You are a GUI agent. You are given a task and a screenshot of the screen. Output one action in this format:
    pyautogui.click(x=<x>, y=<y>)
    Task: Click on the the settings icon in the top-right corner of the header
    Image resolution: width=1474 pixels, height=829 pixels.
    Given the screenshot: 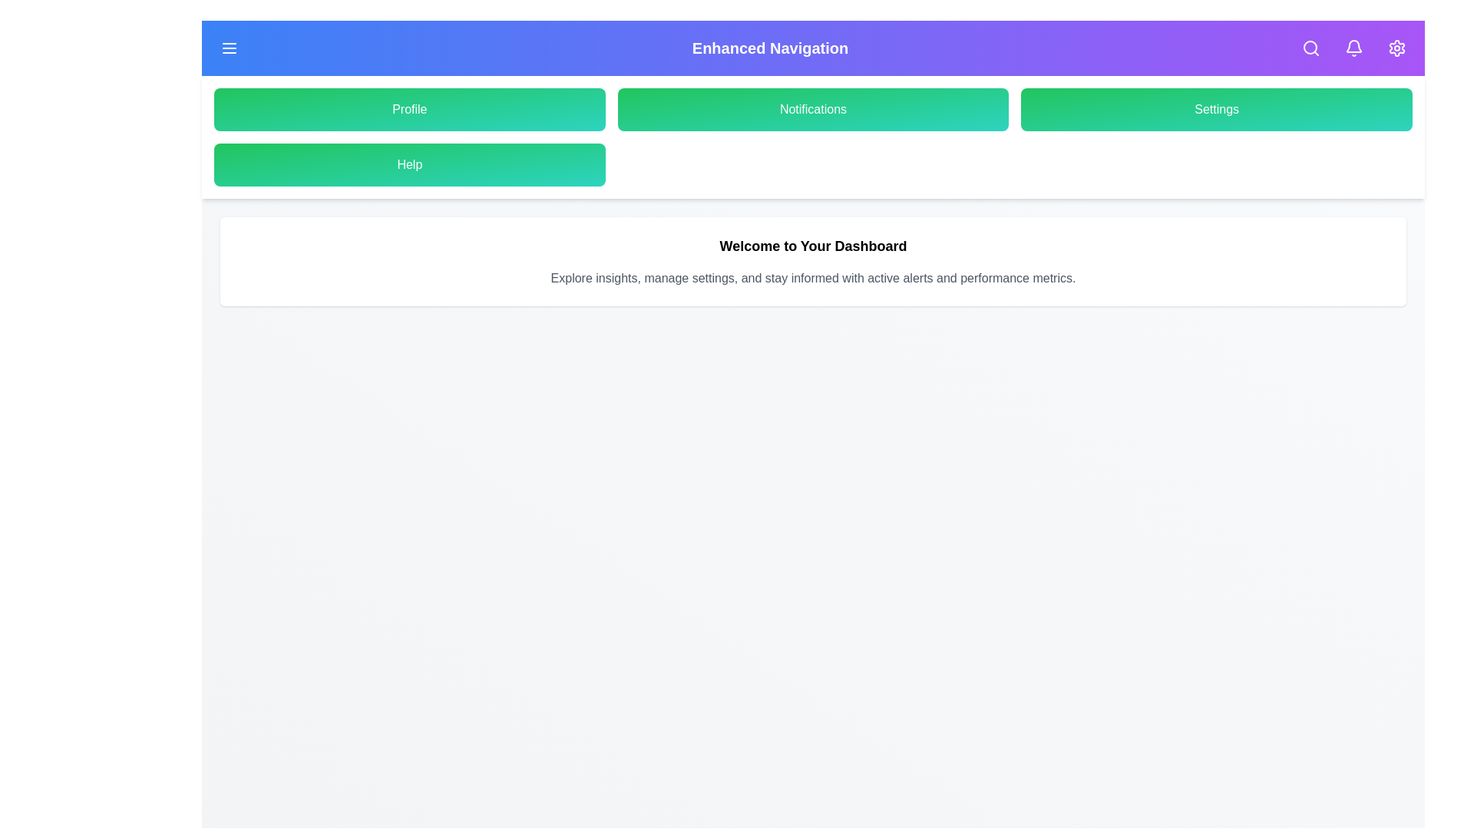 What is the action you would take?
    pyautogui.click(x=1396, y=47)
    